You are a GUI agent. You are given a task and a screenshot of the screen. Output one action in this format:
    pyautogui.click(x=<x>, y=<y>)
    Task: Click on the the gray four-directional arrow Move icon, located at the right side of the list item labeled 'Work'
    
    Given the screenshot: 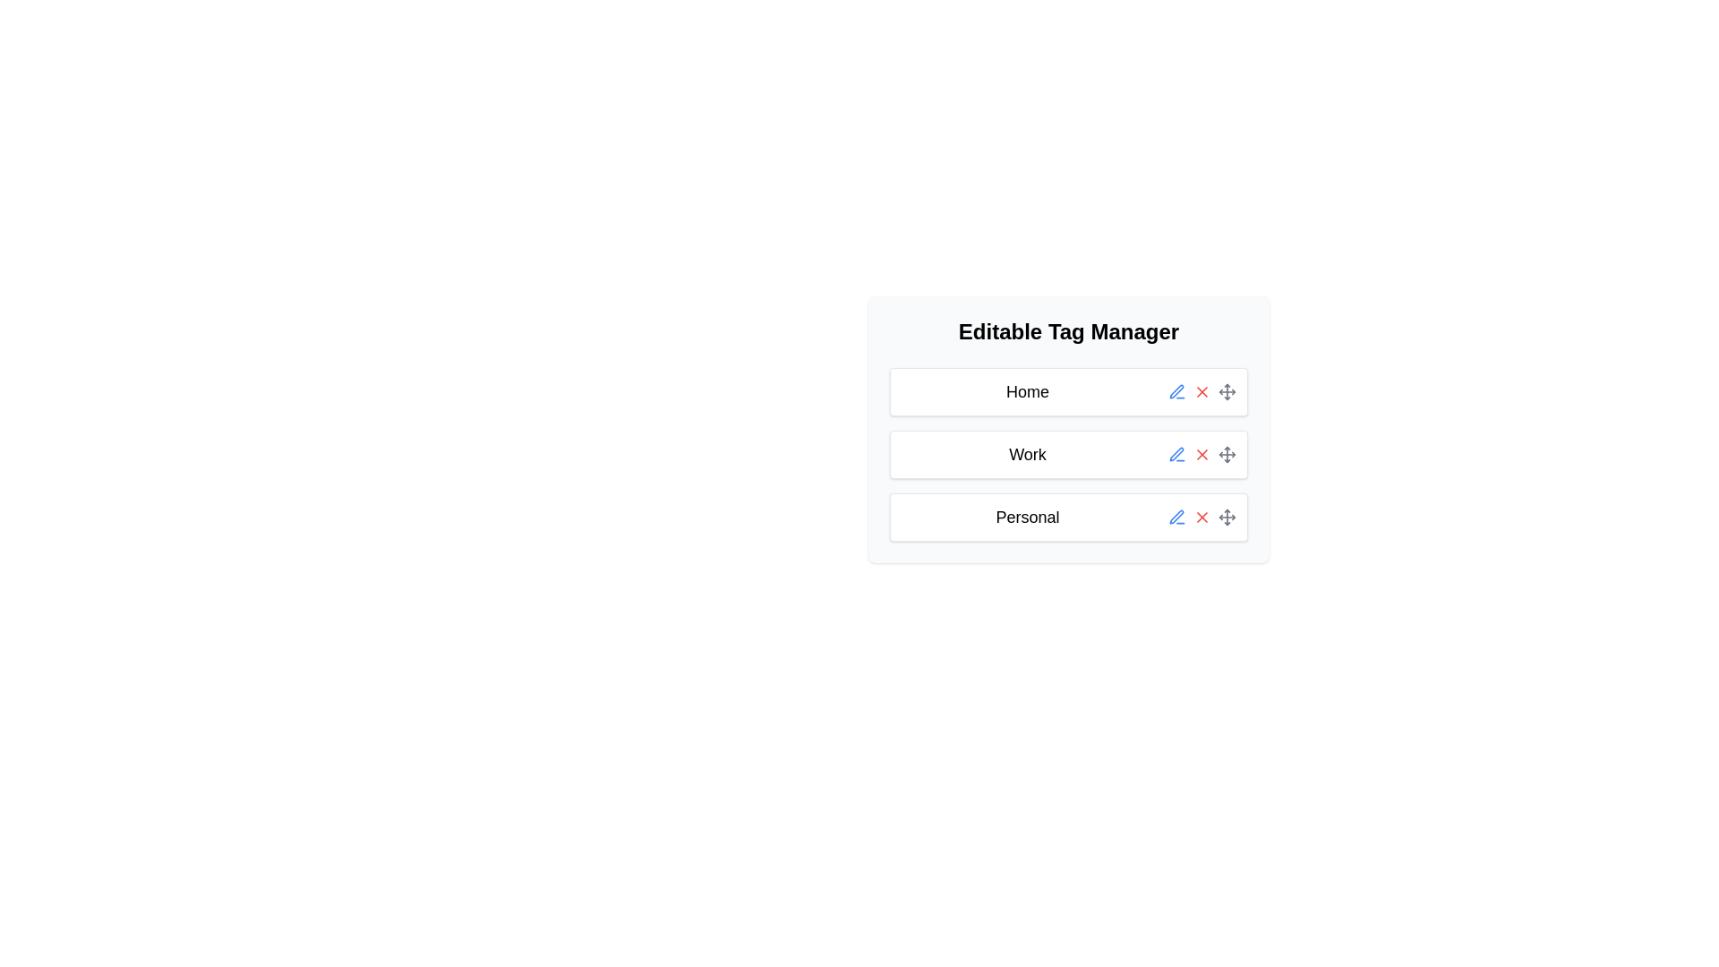 What is the action you would take?
    pyautogui.click(x=1227, y=454)
    